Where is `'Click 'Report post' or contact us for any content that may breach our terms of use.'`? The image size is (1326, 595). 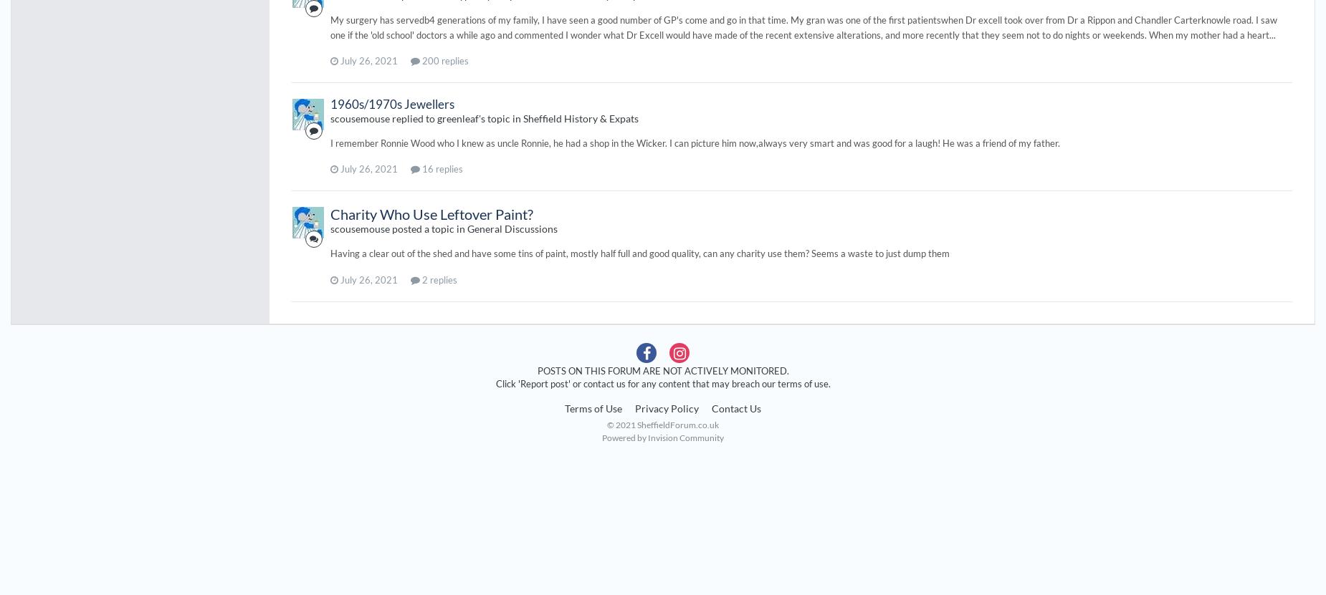
'Click 'Report post' or contact us for any content that may breach our terms of use.' is located at coordinates (662, 382).